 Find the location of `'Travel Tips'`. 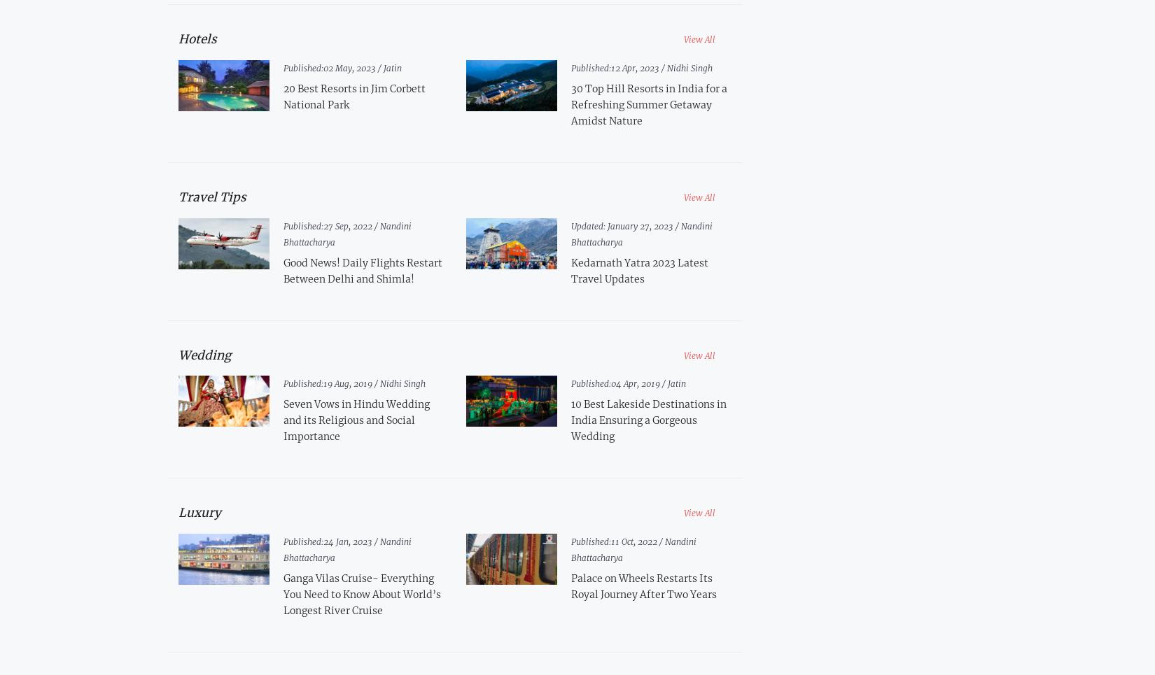

'Travel Tips' is located at coordinates (212, 197).